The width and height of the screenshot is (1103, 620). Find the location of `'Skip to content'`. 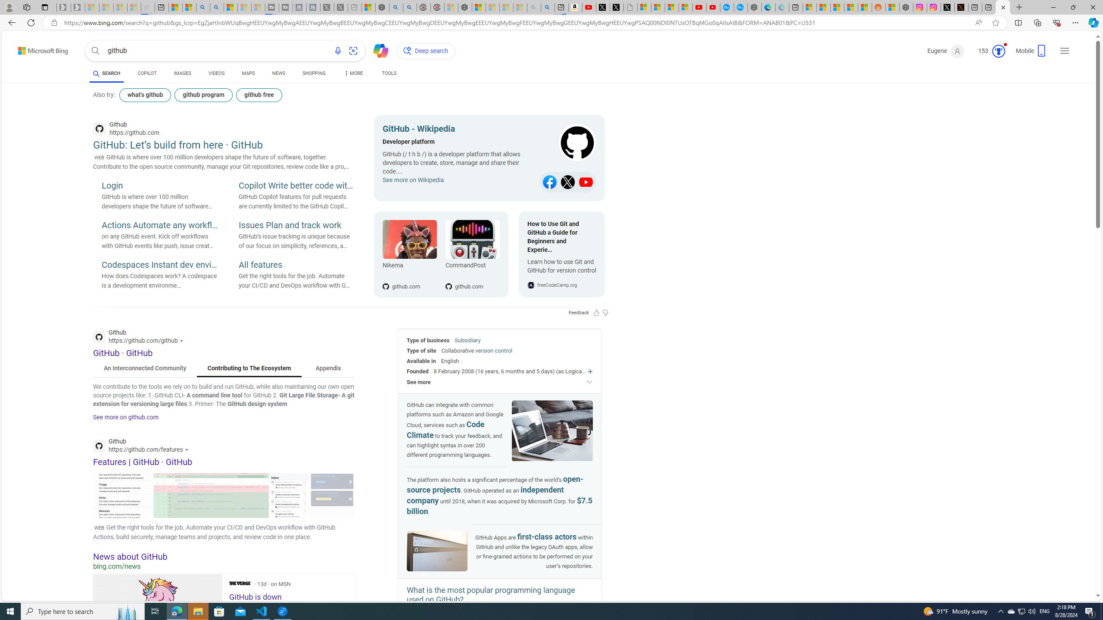

'Skip to content' is located at coordinates (28, 48).